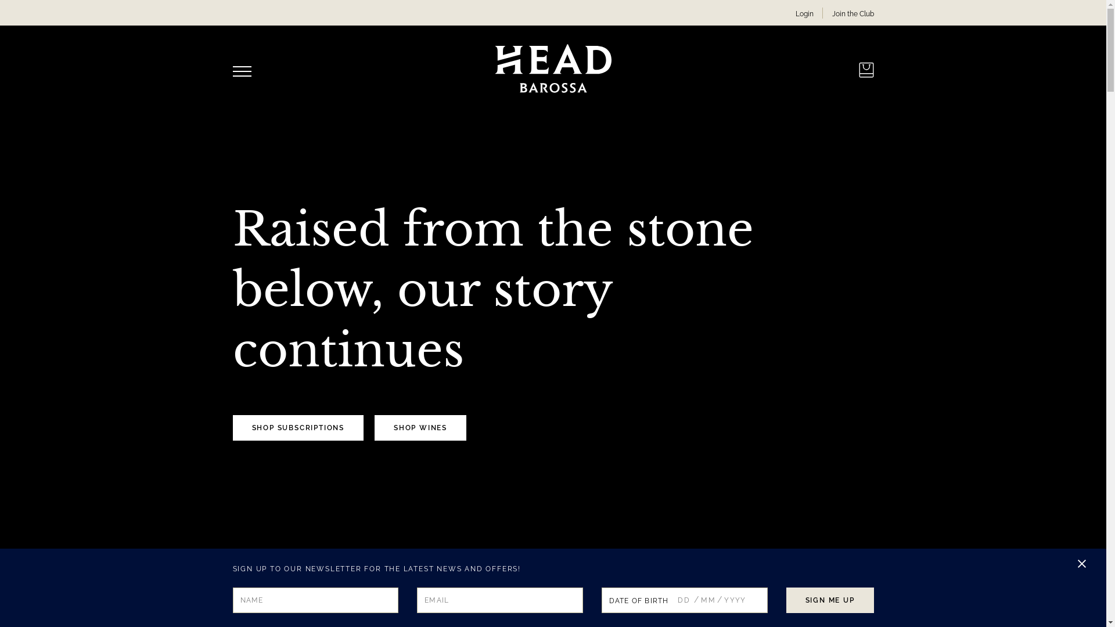 This screenshot has width=1115, height=627. Describe the element at coordinates (829, 600) in the screenshot. I see `'SIGN ME UP'` at that location.